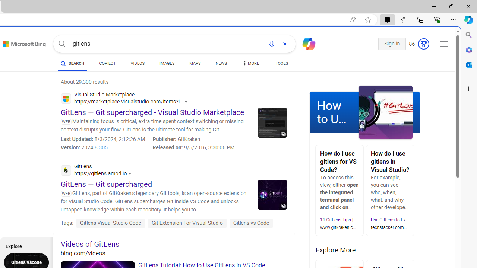 The width and height of the screenshot is (477, 268). What do you see at coordinates (285, 44) in the screenshot?
I see `'Search using an image'` at bounding box center [285, 44].